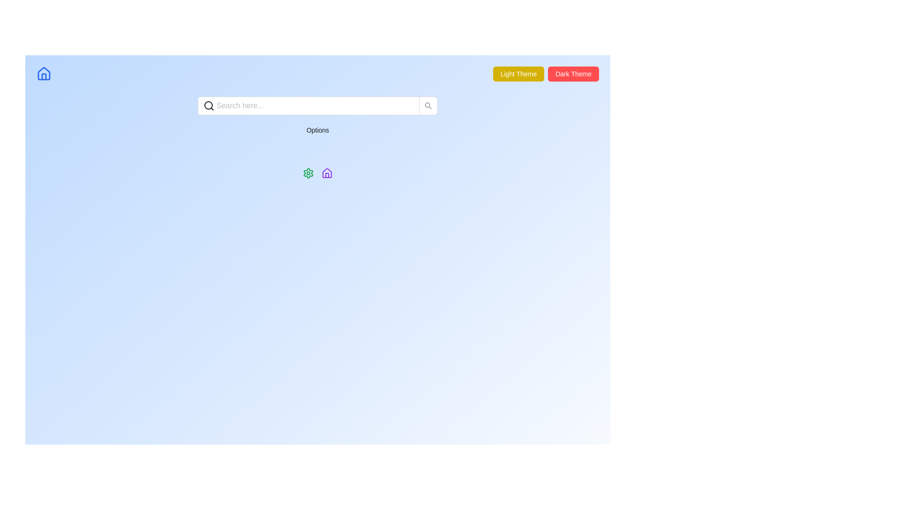  Describe the element at coordinates (44, 76) in the screenshot. I see `the presence of the door icon within the house icon, which is located in the upper-left corner of the interface` at that location.